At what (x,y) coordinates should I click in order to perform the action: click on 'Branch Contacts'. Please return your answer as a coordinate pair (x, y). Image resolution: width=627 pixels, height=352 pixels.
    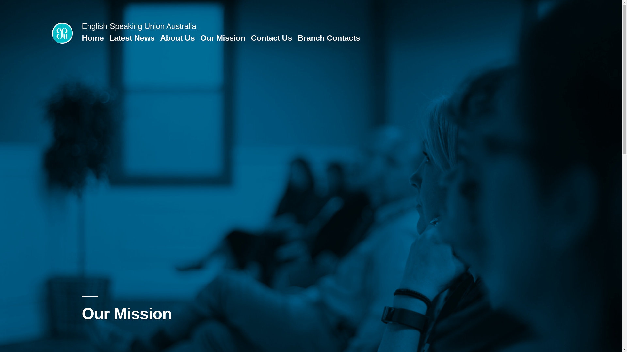
    Looking at the image, I should click on (329, 38).